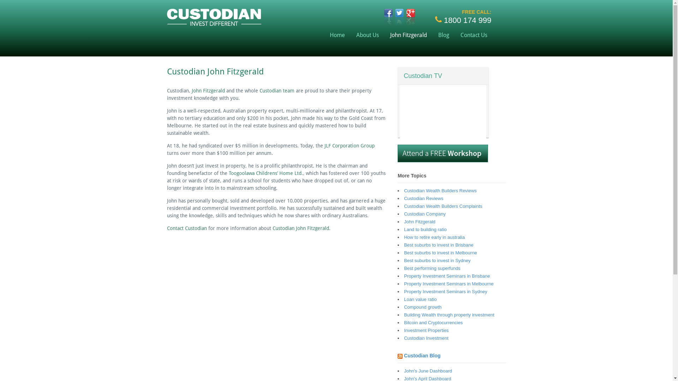 Image resolution: width=678 pixels, height=381 pixels. Describe the element at coordinates (404, 260) in the screenshot. I see `'Best suburbs to invest in Sydney'` at that location.